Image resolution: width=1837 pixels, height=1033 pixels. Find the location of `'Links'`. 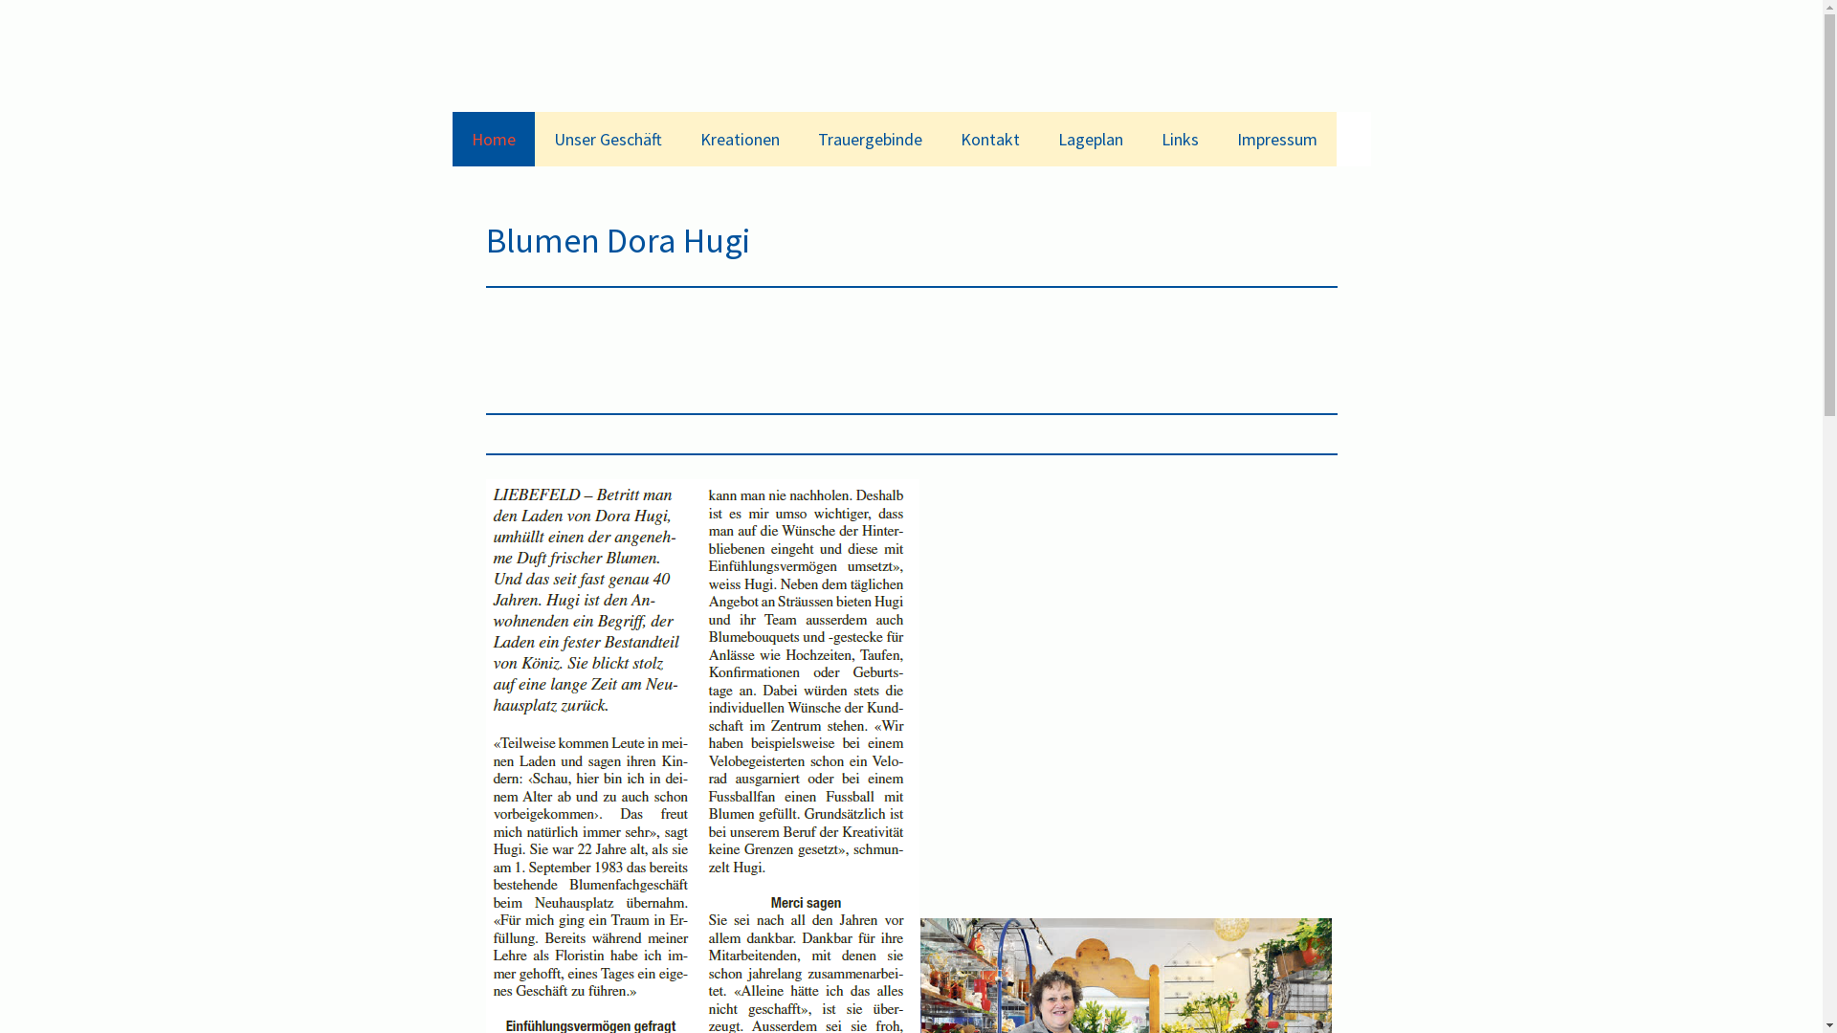

'Links' is located at coordinates (1179, 138).